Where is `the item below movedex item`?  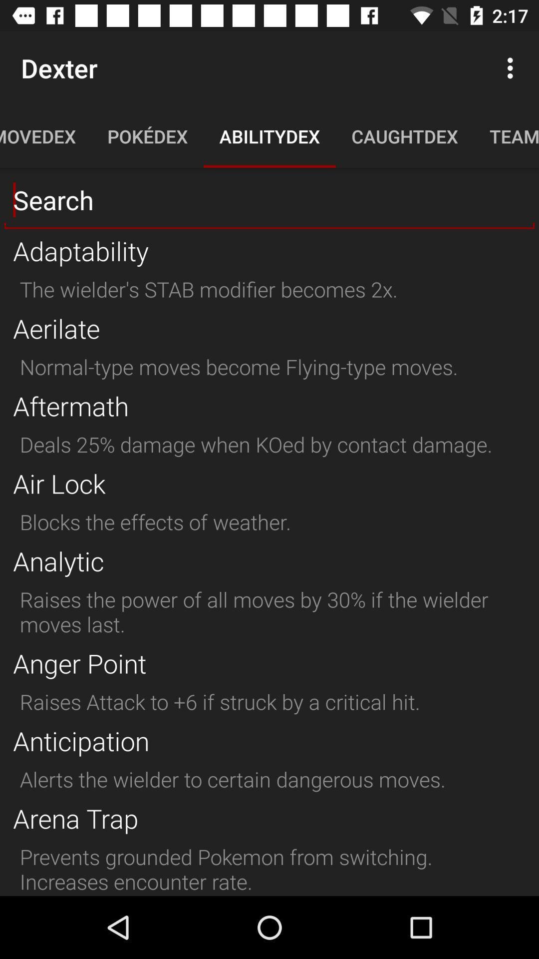
the item below movedex item is located at coordinates (269, 200).